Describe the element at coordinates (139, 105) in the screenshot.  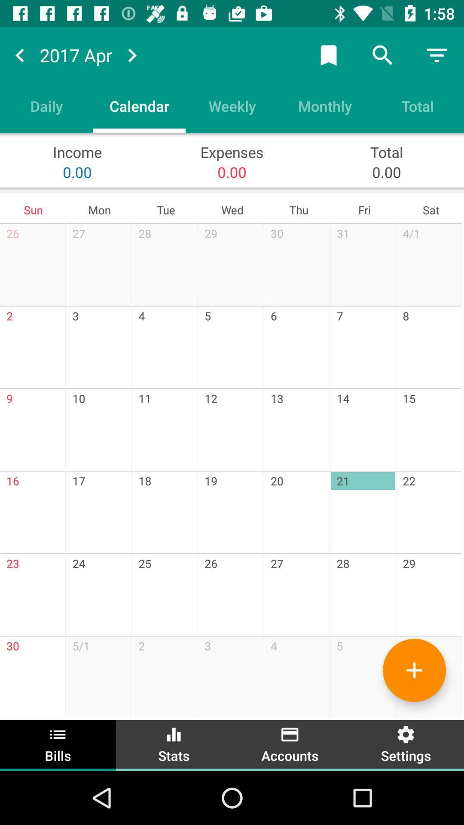
I see `calendar icon` at that location.